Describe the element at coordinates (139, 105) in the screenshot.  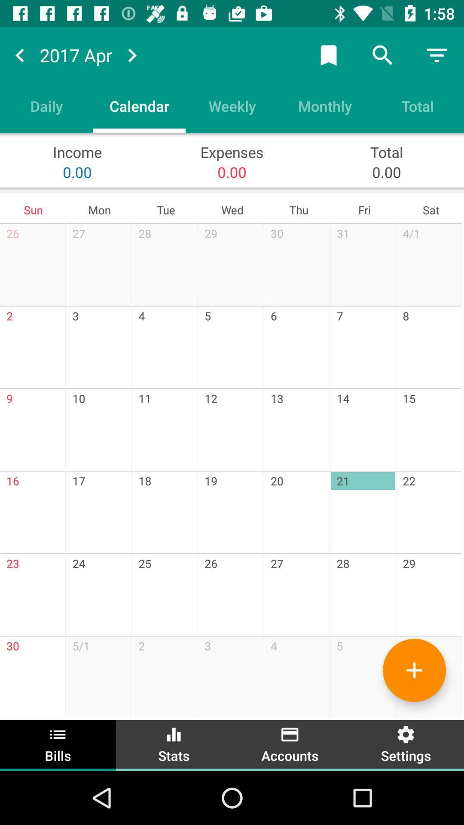
I see `calendar icon` at that location.